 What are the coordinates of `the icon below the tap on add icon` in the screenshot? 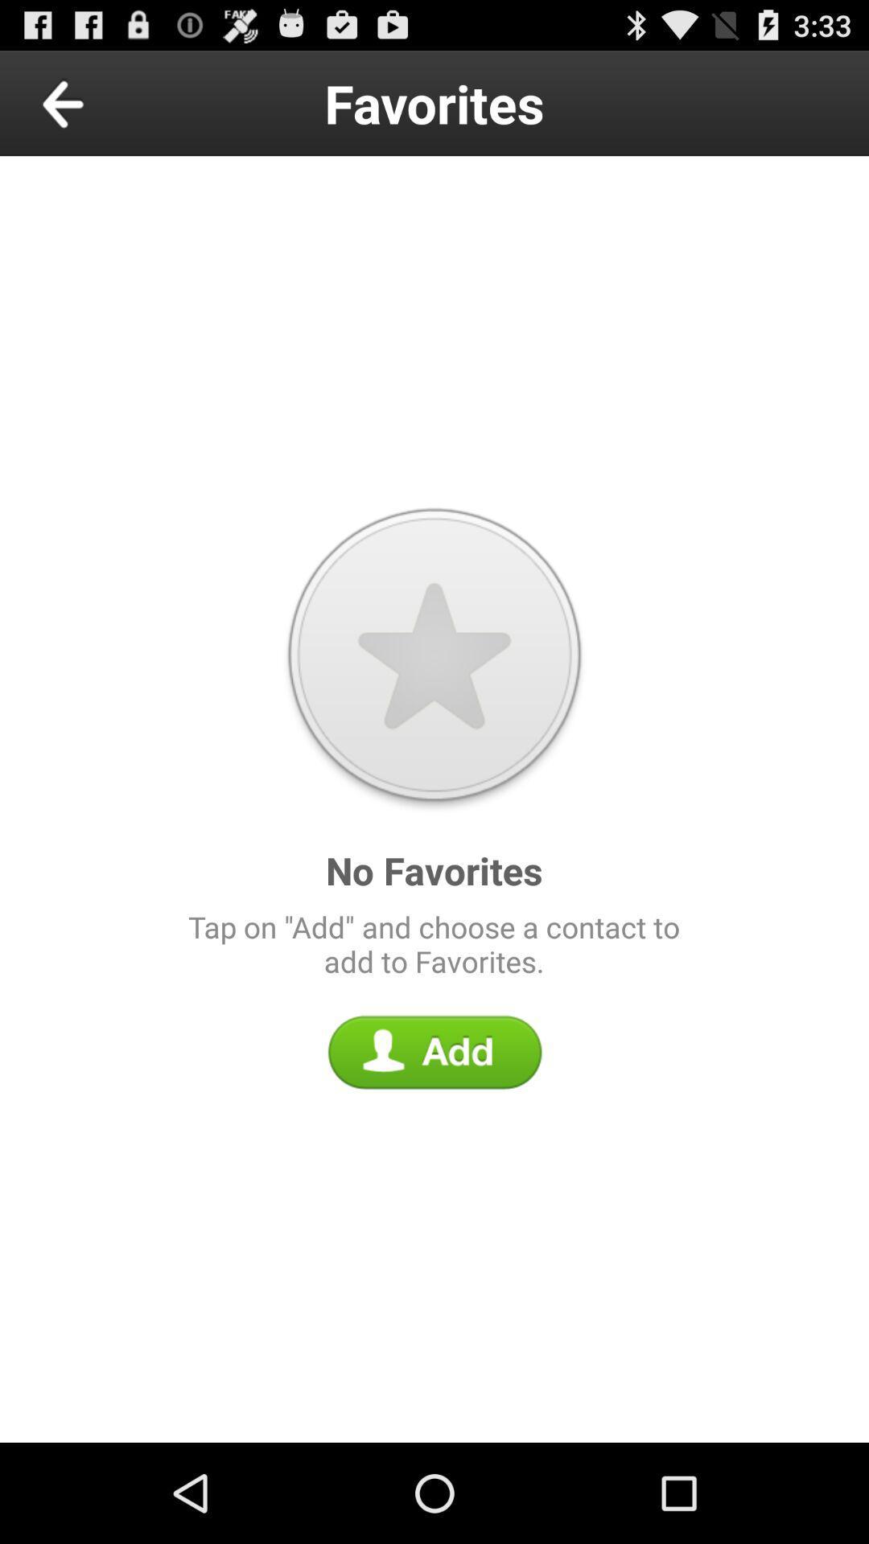 It's located at (434, 1052).